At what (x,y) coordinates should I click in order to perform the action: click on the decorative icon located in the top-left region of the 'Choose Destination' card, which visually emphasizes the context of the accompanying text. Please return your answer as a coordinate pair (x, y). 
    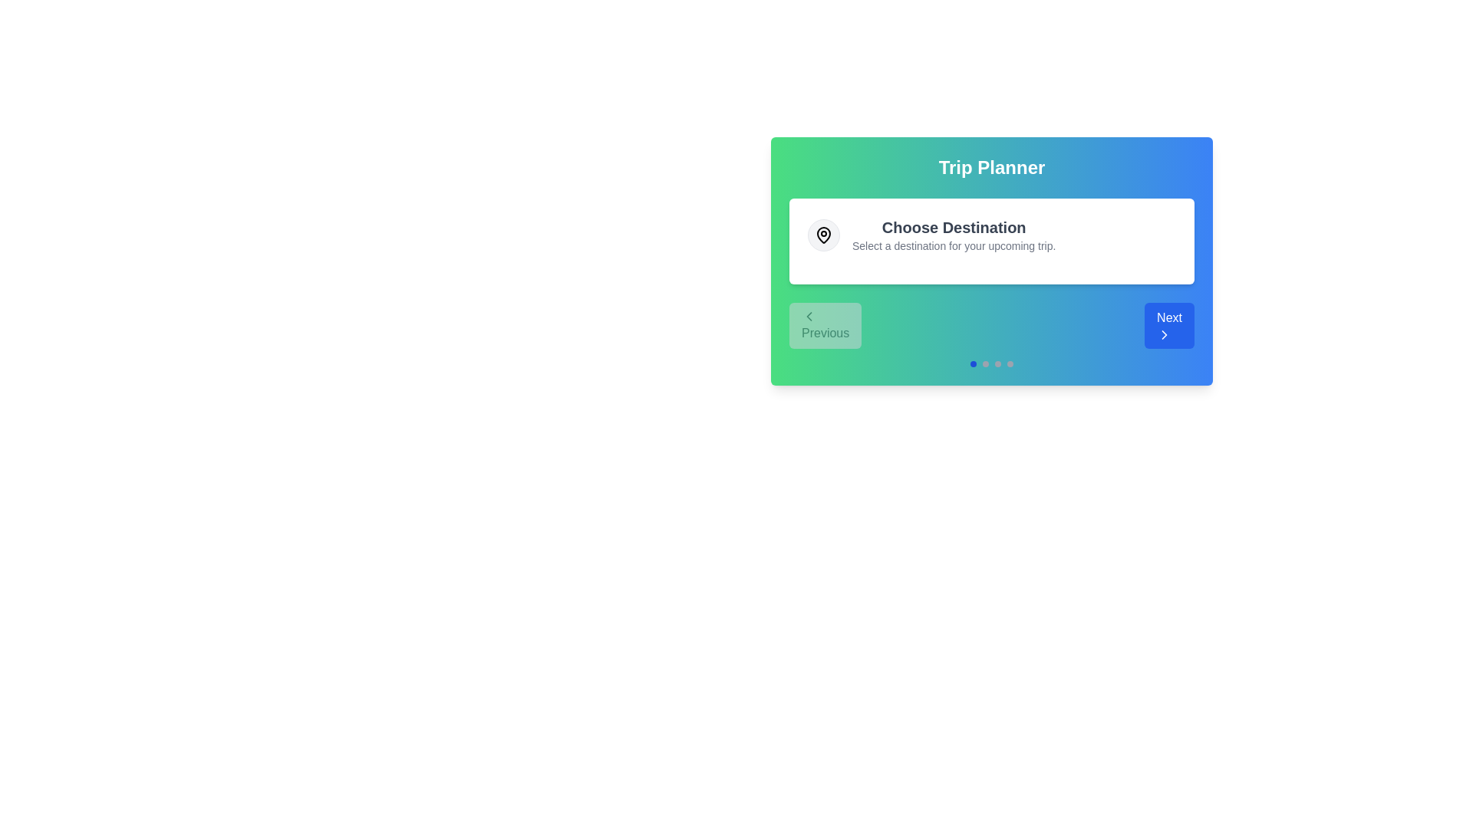
    Looking at the image, I should click on (823, 235).